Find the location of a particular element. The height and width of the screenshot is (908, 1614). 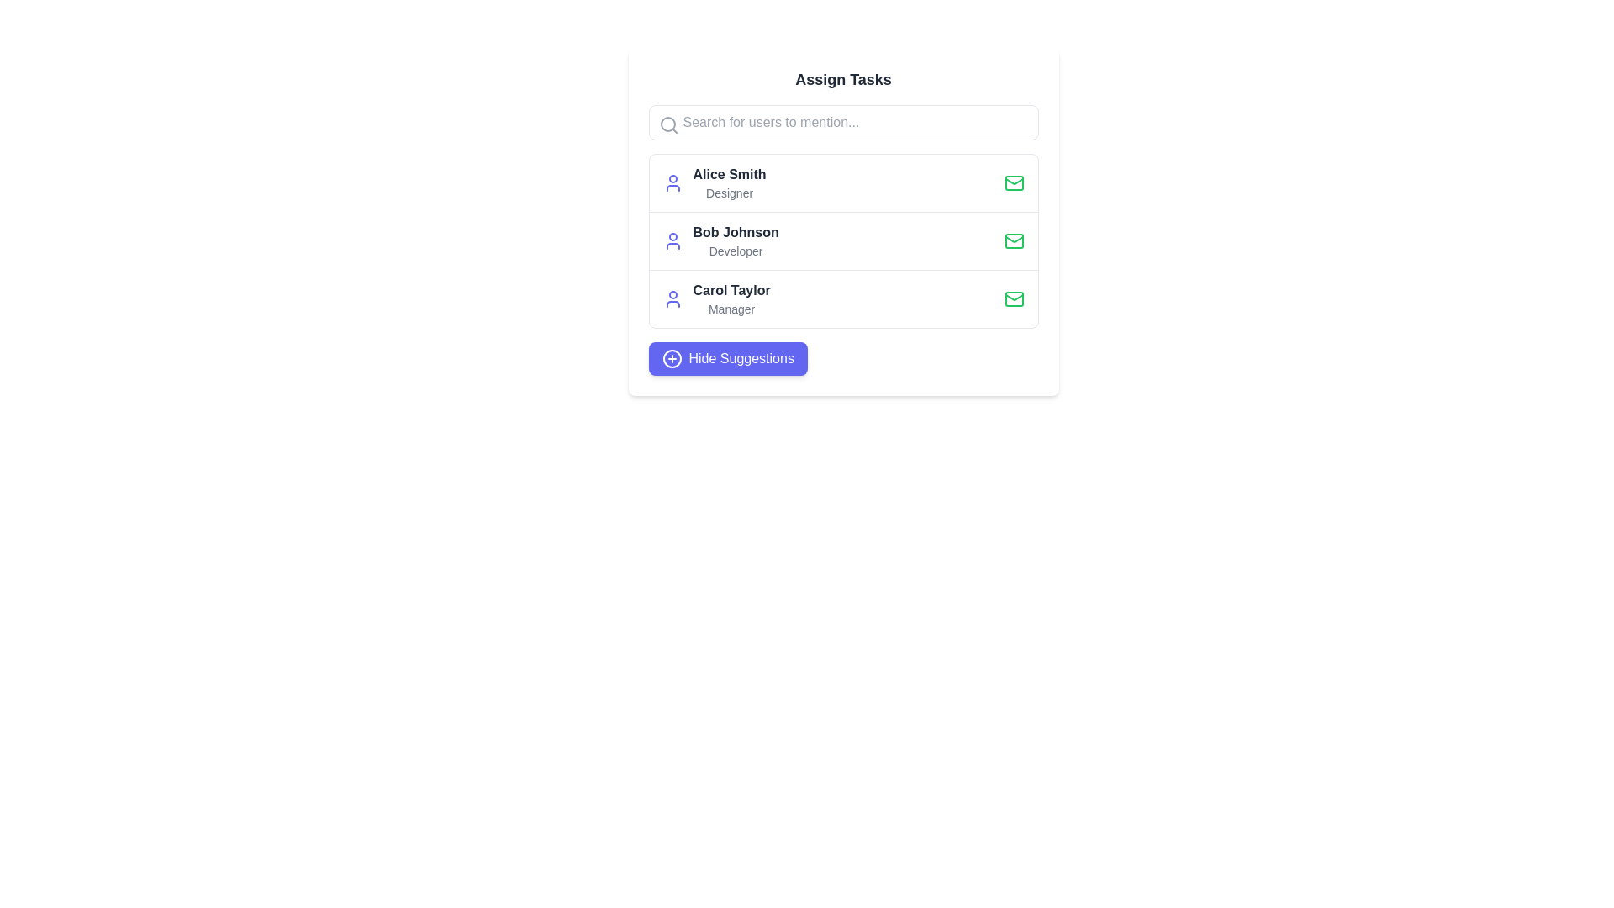

the button located at the bottom of the task assignment card is located at coordinates (728, 358).